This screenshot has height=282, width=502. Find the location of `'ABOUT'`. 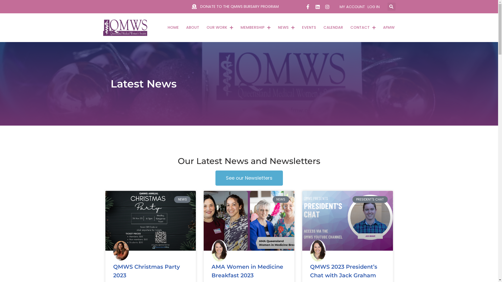

'ABOUT' is located at coordinates (192, 27).